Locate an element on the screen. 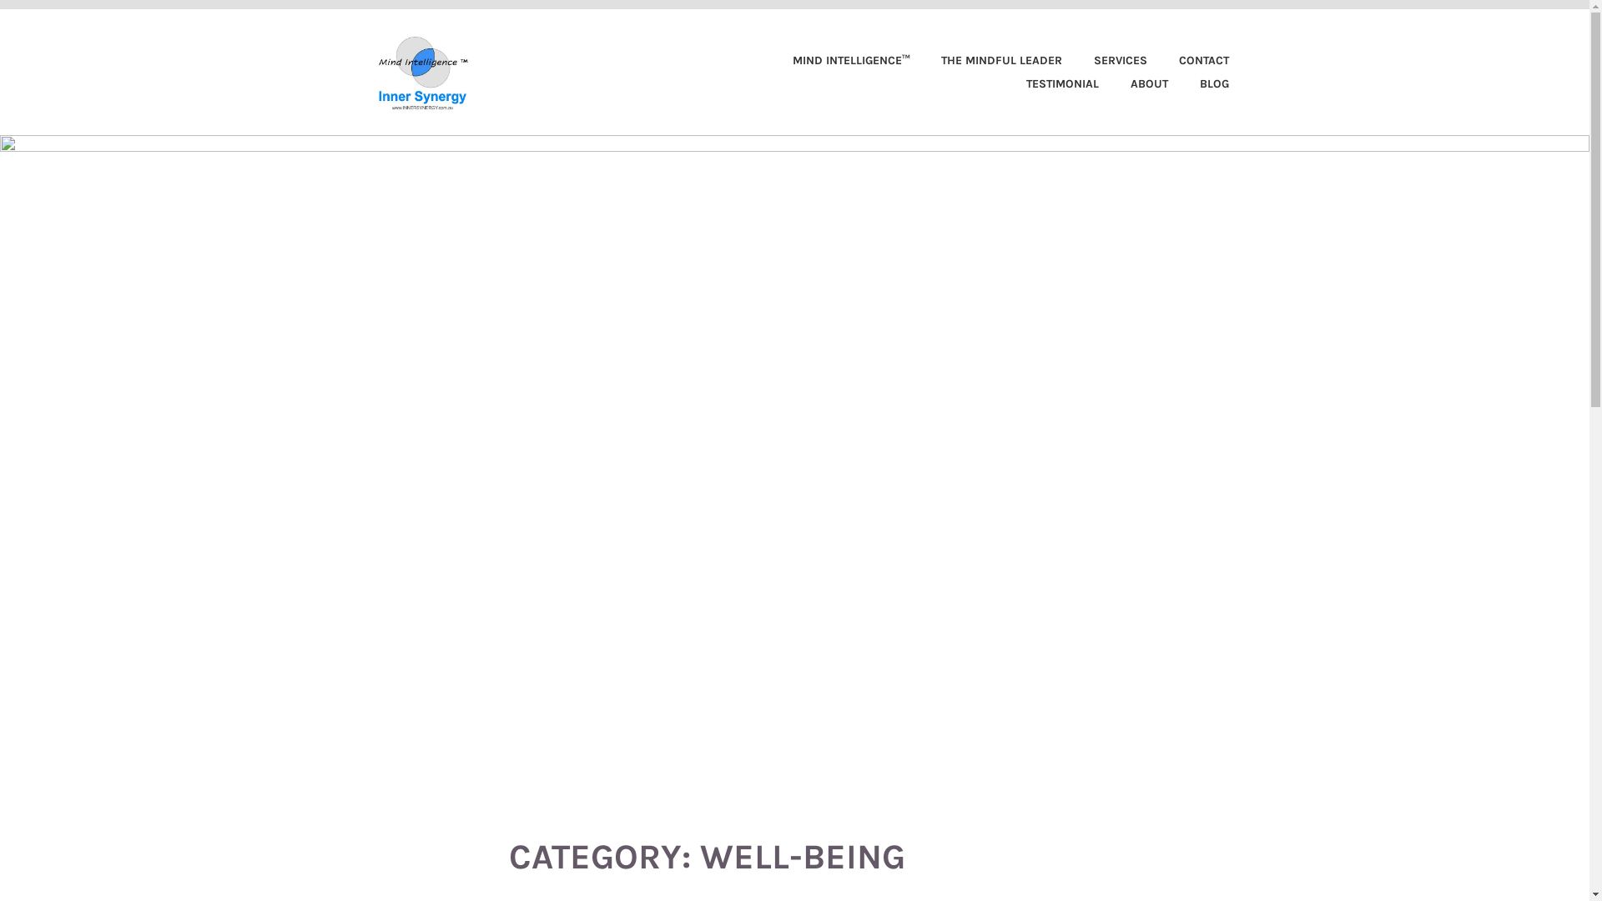 This screenshot has height=901, width=1602. 'BLOG' is located at coordinates (1170, 83).